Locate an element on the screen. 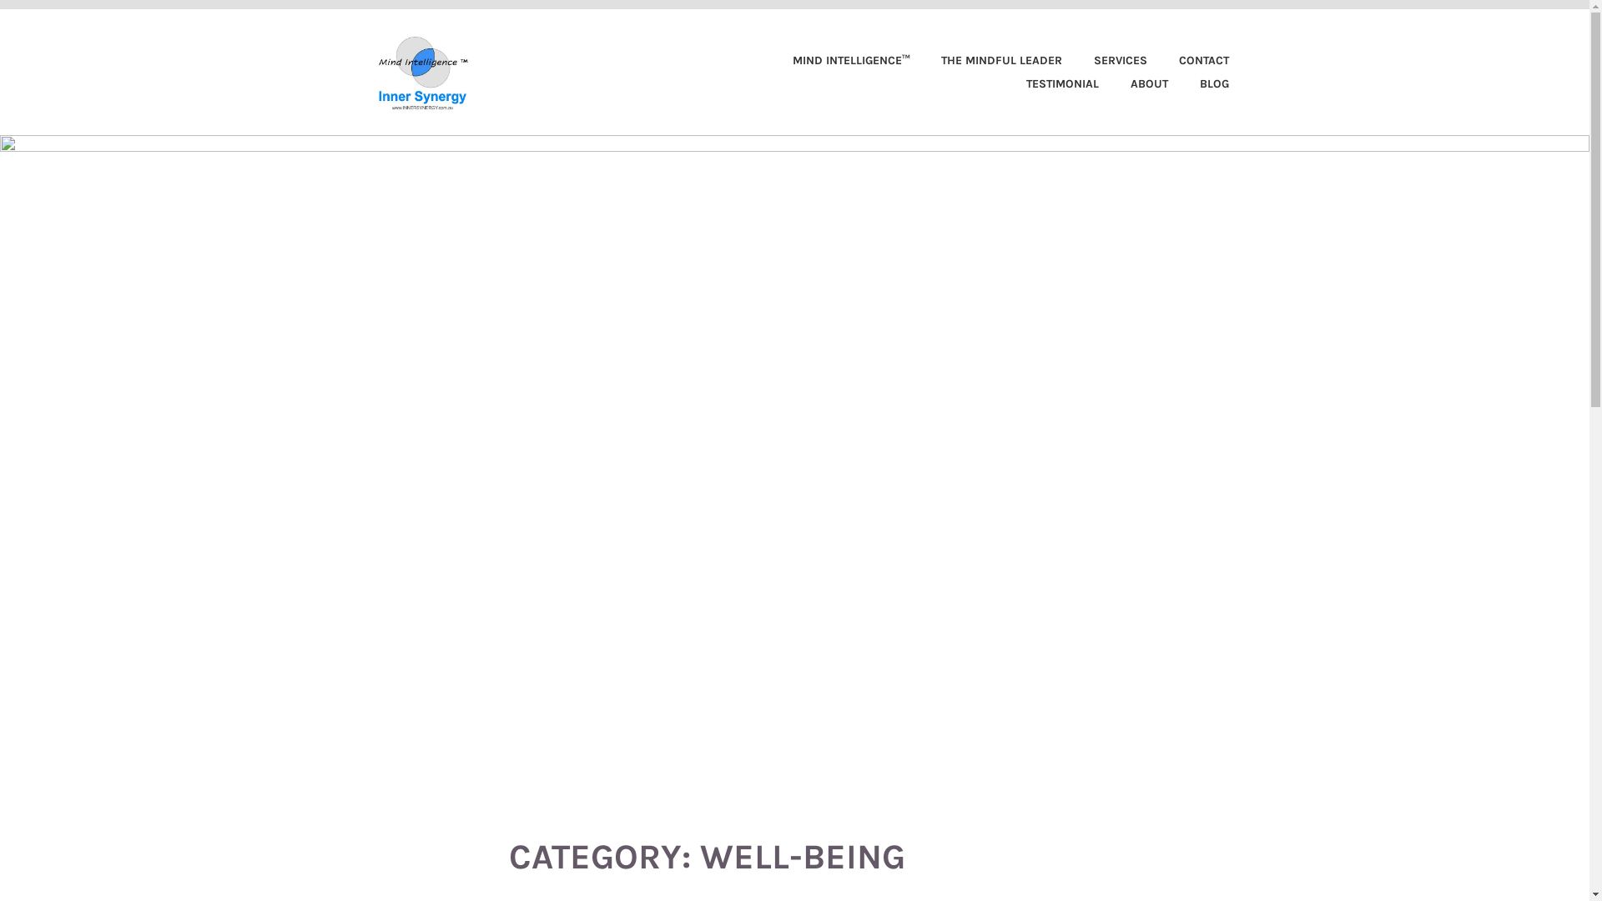 This screenshot has height=901, width=1602. 'BLOG' is located at coordinates (1170, 83).